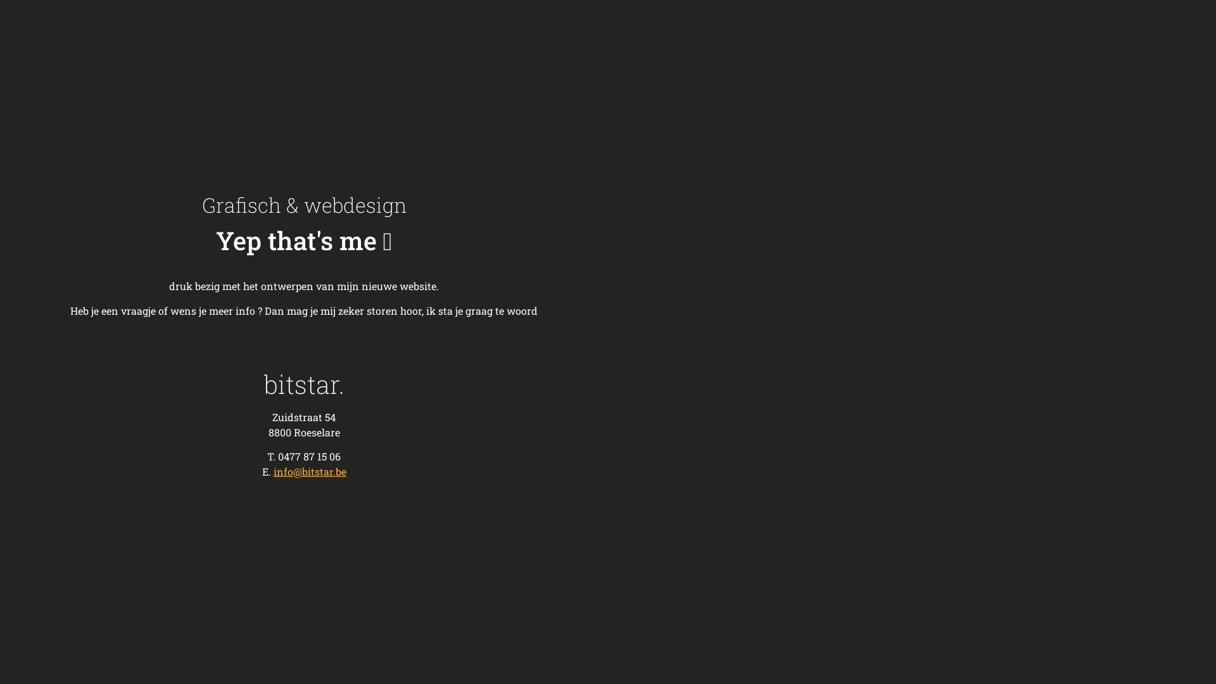  Describe the element at coordinates (273, 471) in the screenshot. I see `'info@bitstar.be'` at that location.